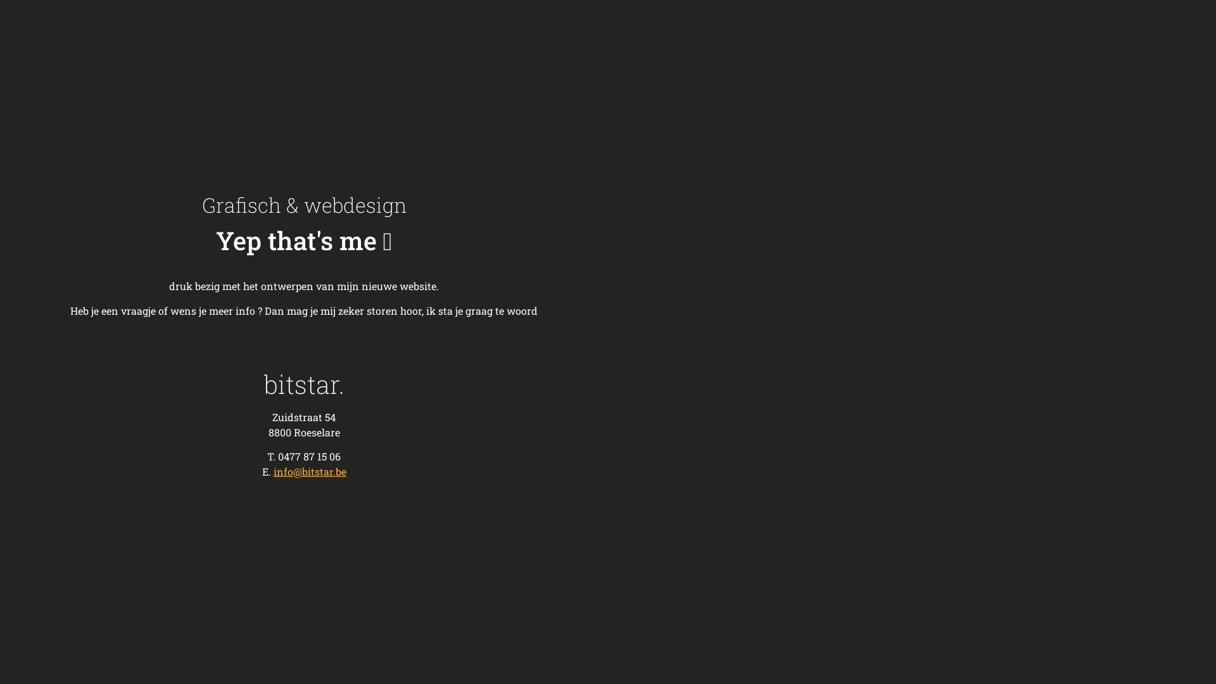  Describe the element at coordinates (273, 471) in the screenshot. I see `'info@bitstar.be'` at that location.